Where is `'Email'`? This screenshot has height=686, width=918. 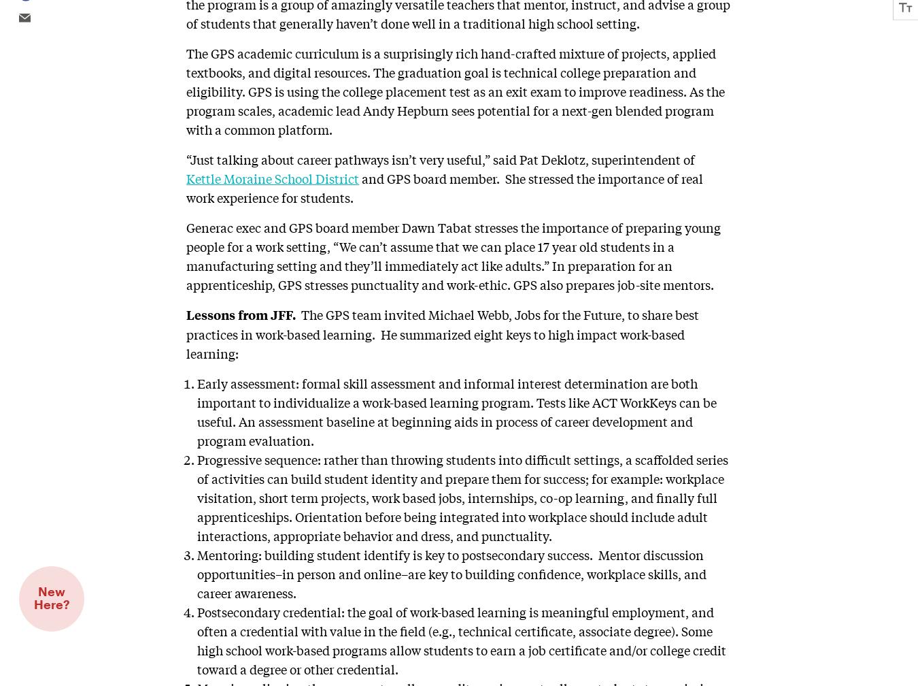
'Email' is located at coordinates (21, 18).